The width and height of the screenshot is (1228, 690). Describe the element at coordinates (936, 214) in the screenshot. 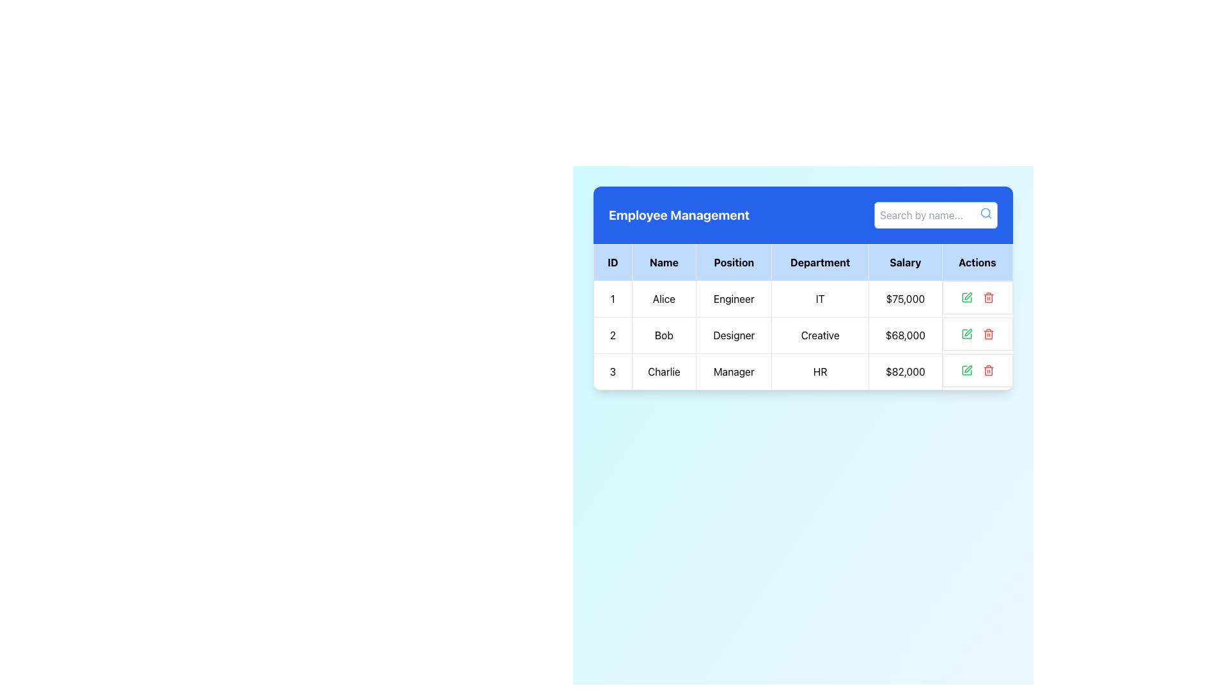

I see `the search input box located in the top-right corner of the 'Employee Management' section header bar` at that location.